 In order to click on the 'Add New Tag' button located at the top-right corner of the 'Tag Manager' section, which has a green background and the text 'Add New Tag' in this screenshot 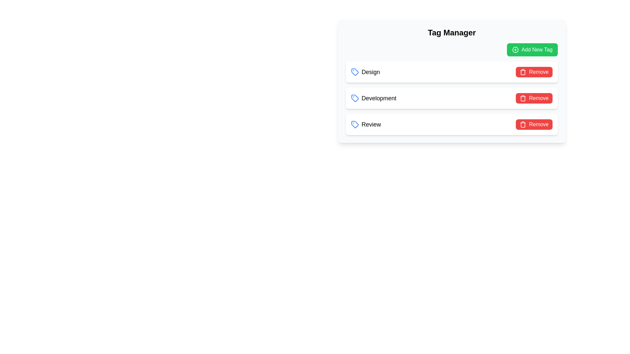, I will do `click(515, 49)`.